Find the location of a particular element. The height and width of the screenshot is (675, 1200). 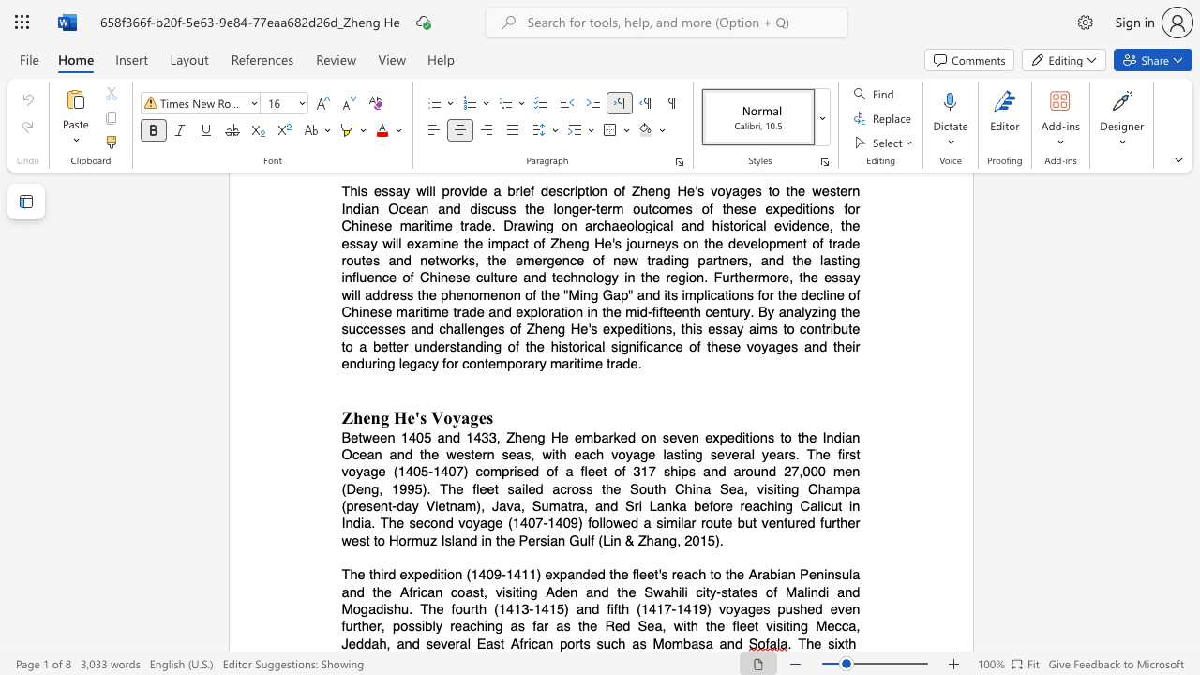

the subset text "he sixt" within the text ". The sixth" is located at coordinates (806, 642).